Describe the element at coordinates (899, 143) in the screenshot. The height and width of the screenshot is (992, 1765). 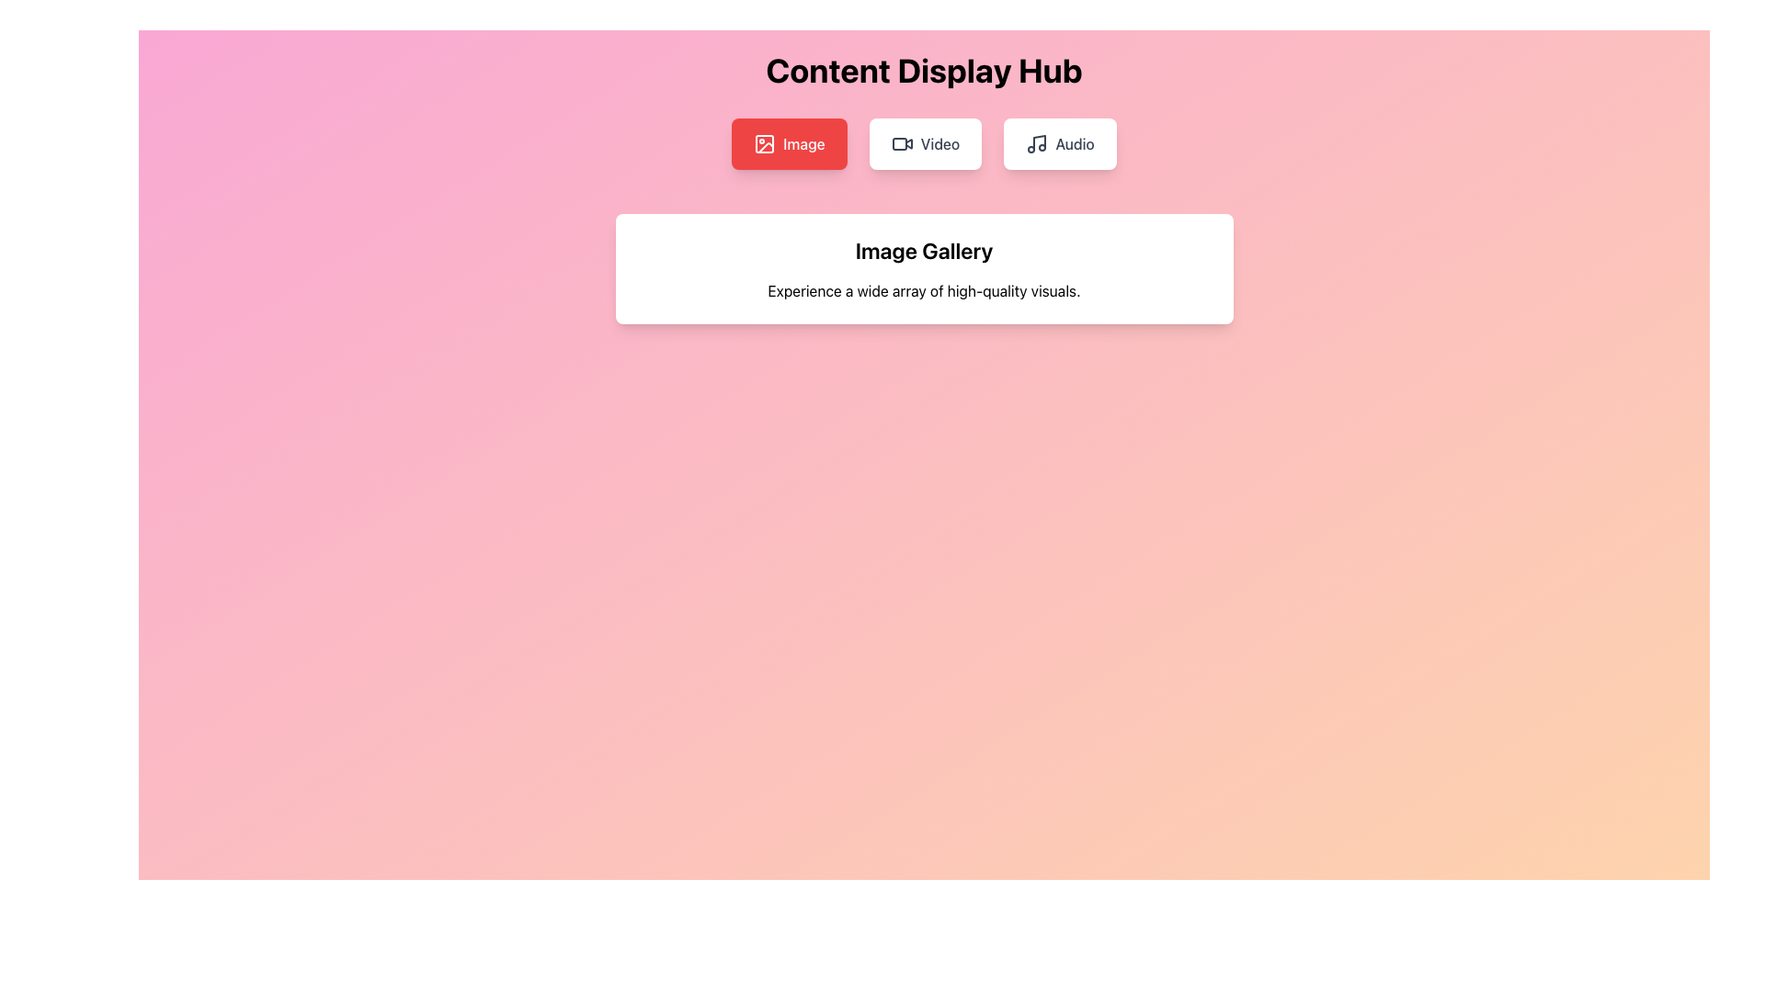
I see `video icon component located inside the second button from the left in the horizontal group of three buttons (Image, Video, Audio) below the title 'Content Display Hub'` at that location.